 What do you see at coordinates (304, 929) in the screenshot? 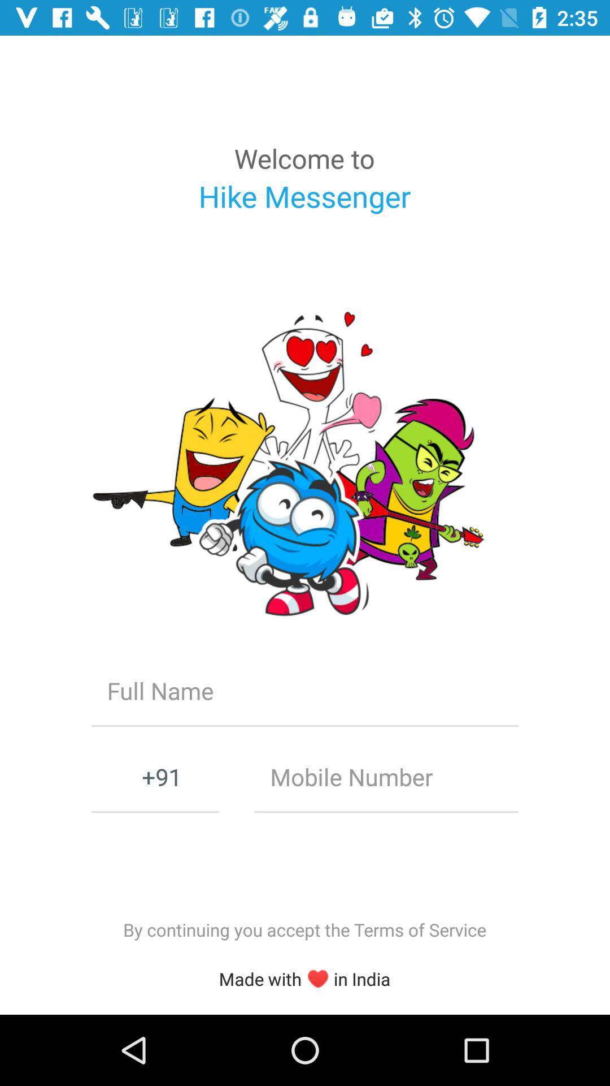
I see `by continuing you` at bounding box center [304, 929].